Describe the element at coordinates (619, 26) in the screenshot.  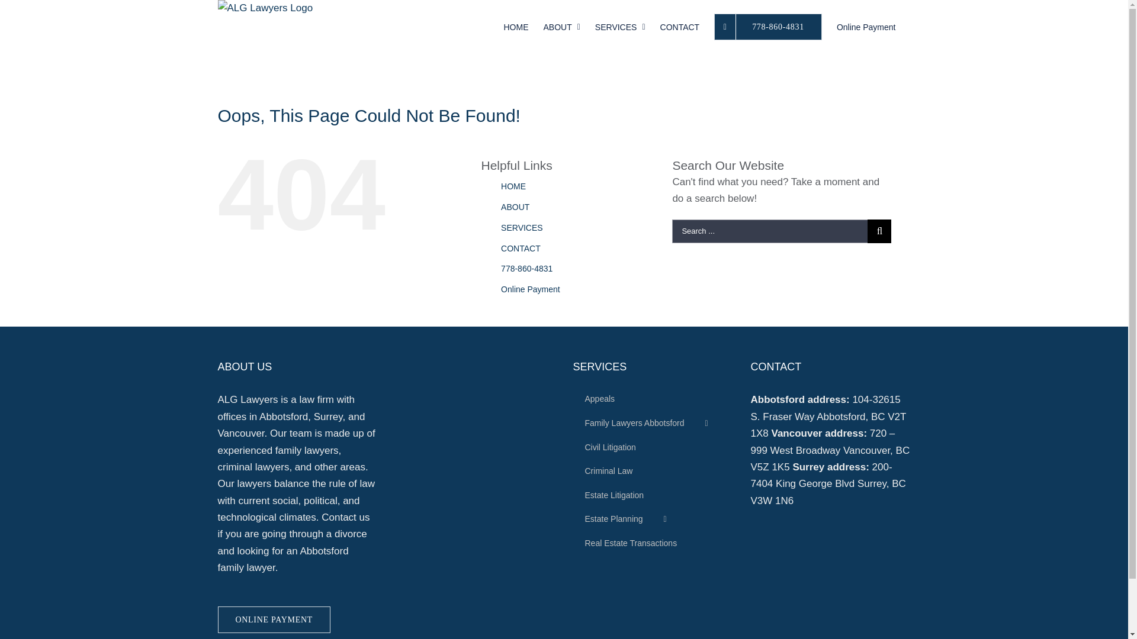
I see `'SERVICES'` at that location.